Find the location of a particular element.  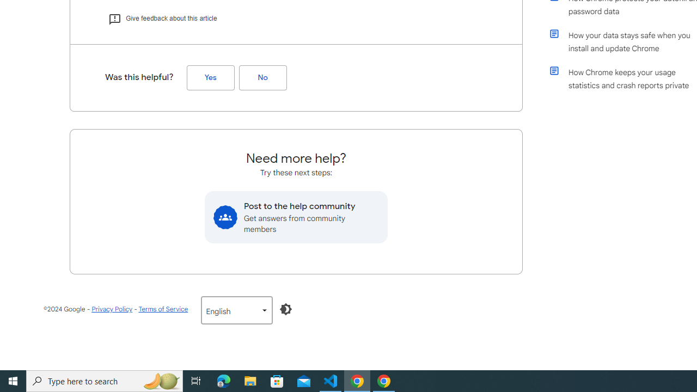

'Give feedback about this article' is located at coordinates (162, 18).